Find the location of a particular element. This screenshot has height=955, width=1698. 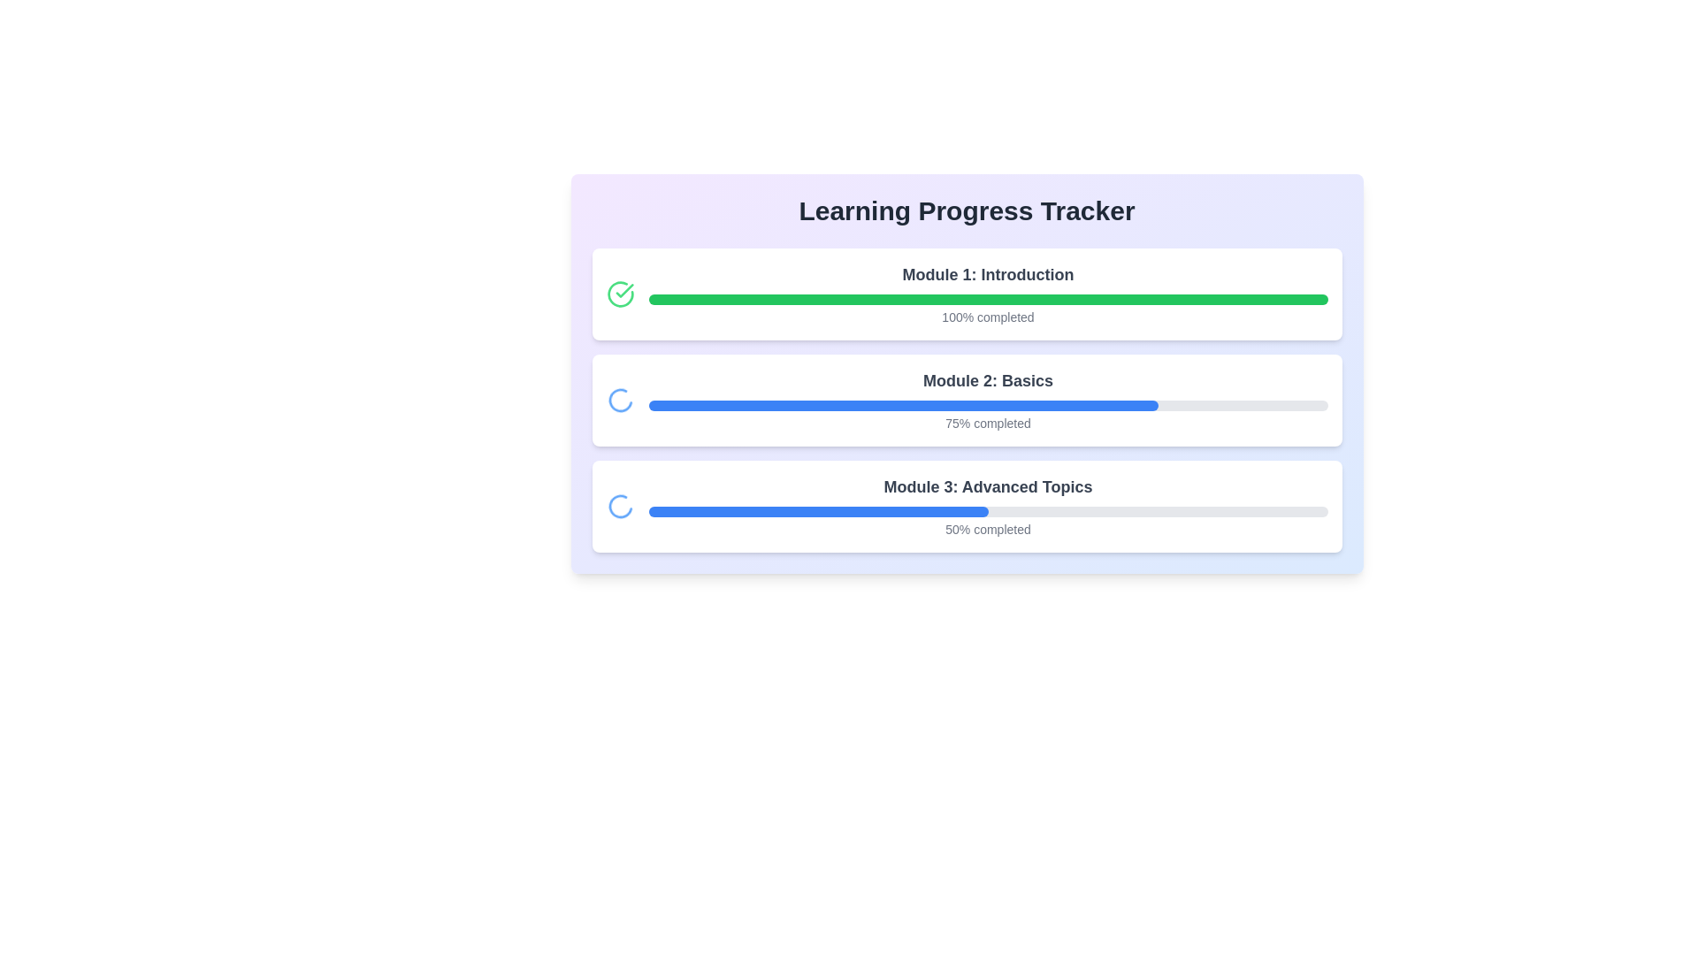

the title Text Label of the first module in the progress tracker interface, which distinguishes the module's content from others is located at coordinates (987, 275).